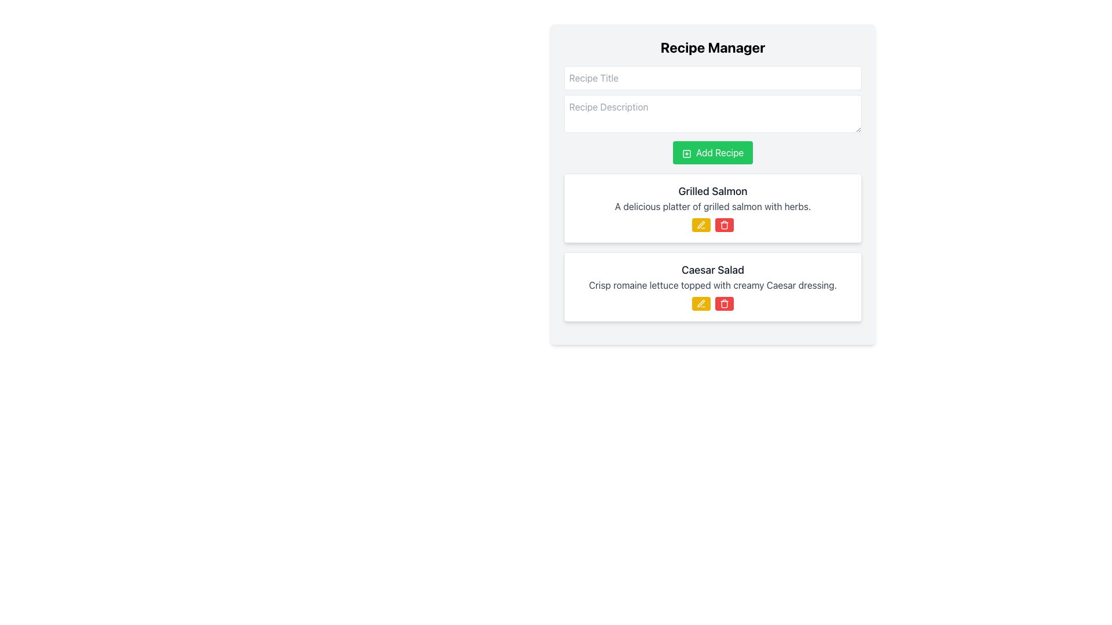 The width and height of the screenshot is (1112, 625). I want to click on the static Text Label that describes the 'Grilled Salmon' dish, located directly below the title text and above interactive buttons, so click(712, 206).